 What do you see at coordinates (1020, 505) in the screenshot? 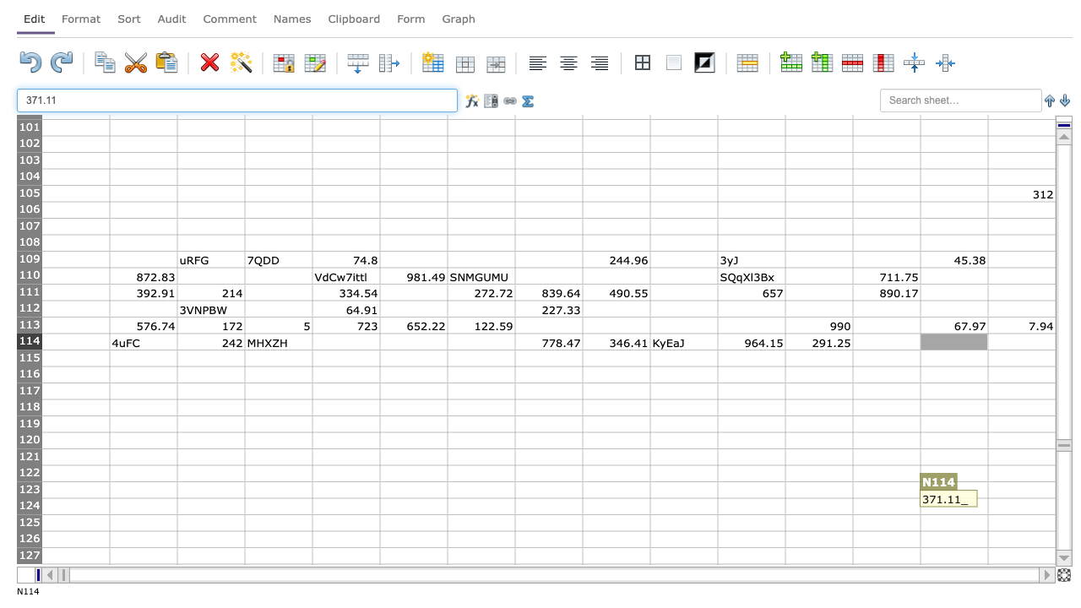
I see `O124` at bounding box center [1020, 505].